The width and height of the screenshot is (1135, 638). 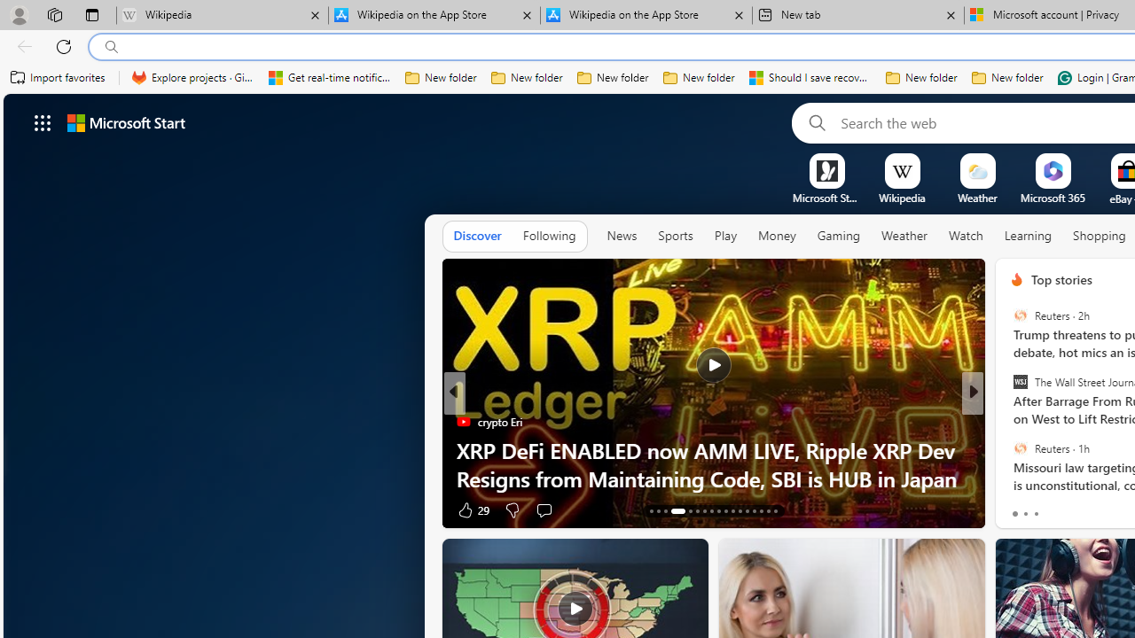 What do you see at coordinates (221, 15) in the screenshot?
I see `'Wikipedia - Sleeping'` at bounding box center [221, 15].